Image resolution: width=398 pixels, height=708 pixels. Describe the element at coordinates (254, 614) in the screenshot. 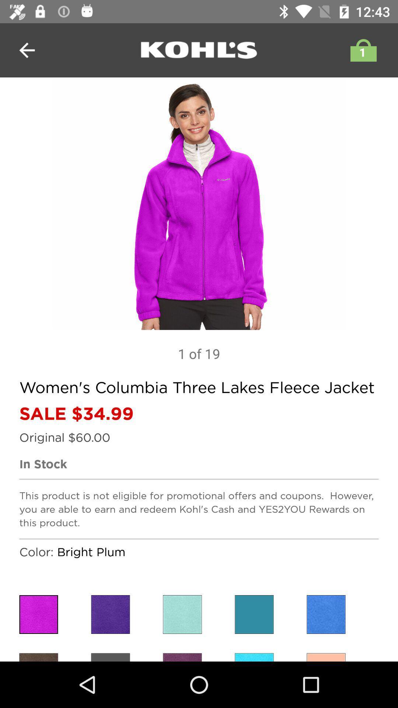

I see `selection for a different color jacket` at that location.